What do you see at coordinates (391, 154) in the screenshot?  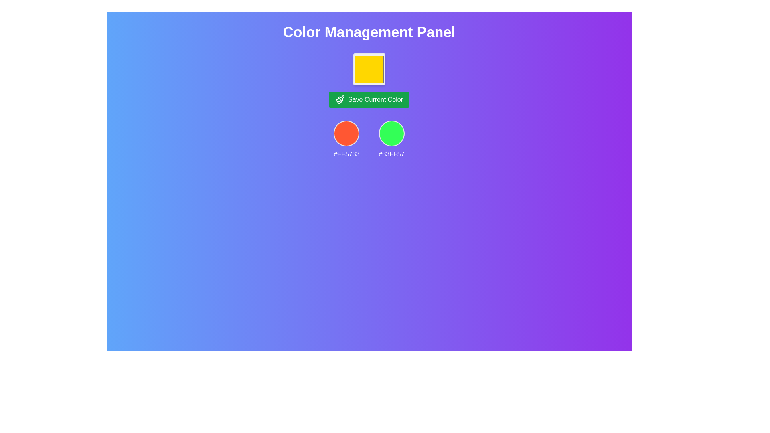 I see `the static text label displaying the color code '#33FF57', which is the rightmost label in a vertical layout and positioned below a green circular visual representation` at bounding box center [391, 154].